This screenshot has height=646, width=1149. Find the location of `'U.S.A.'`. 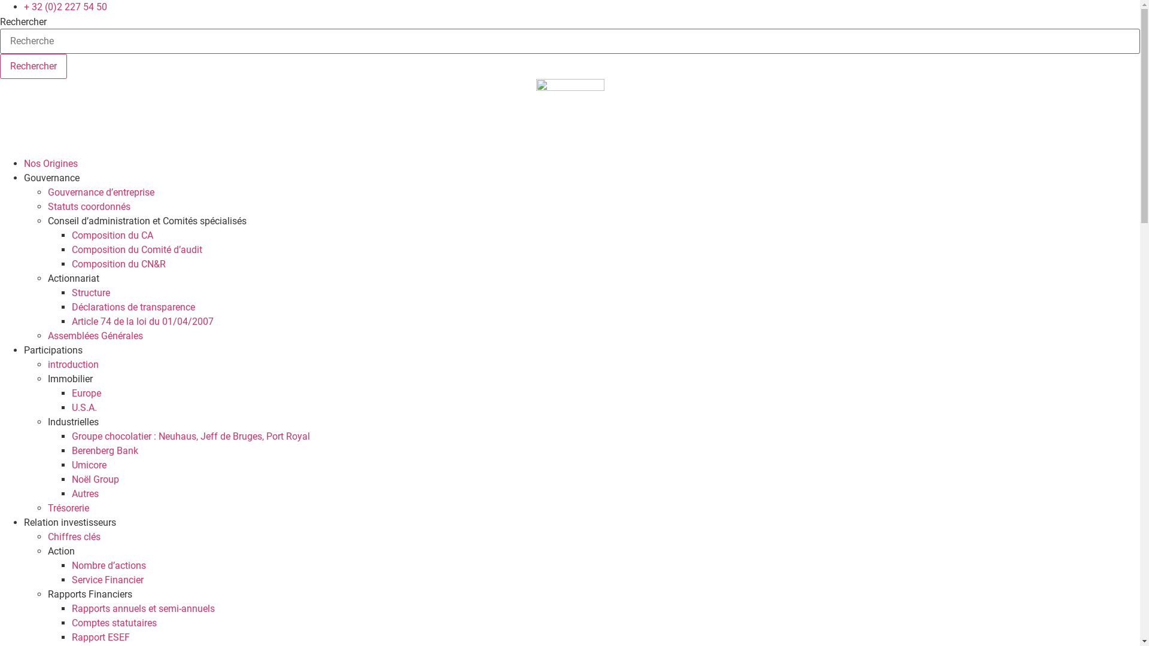

'U.S.A.' is located at coordinates (83, 407).